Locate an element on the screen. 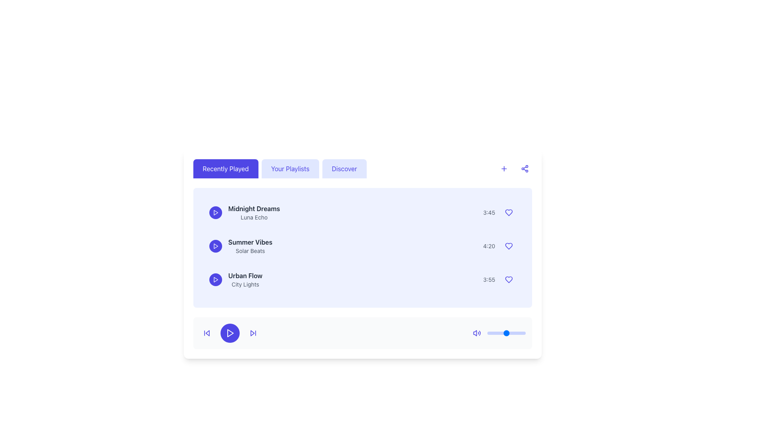  the circular play button with a vivid indigo blue background and white triangular play icon to observe the hover effect is located at coordinates (229, 333).